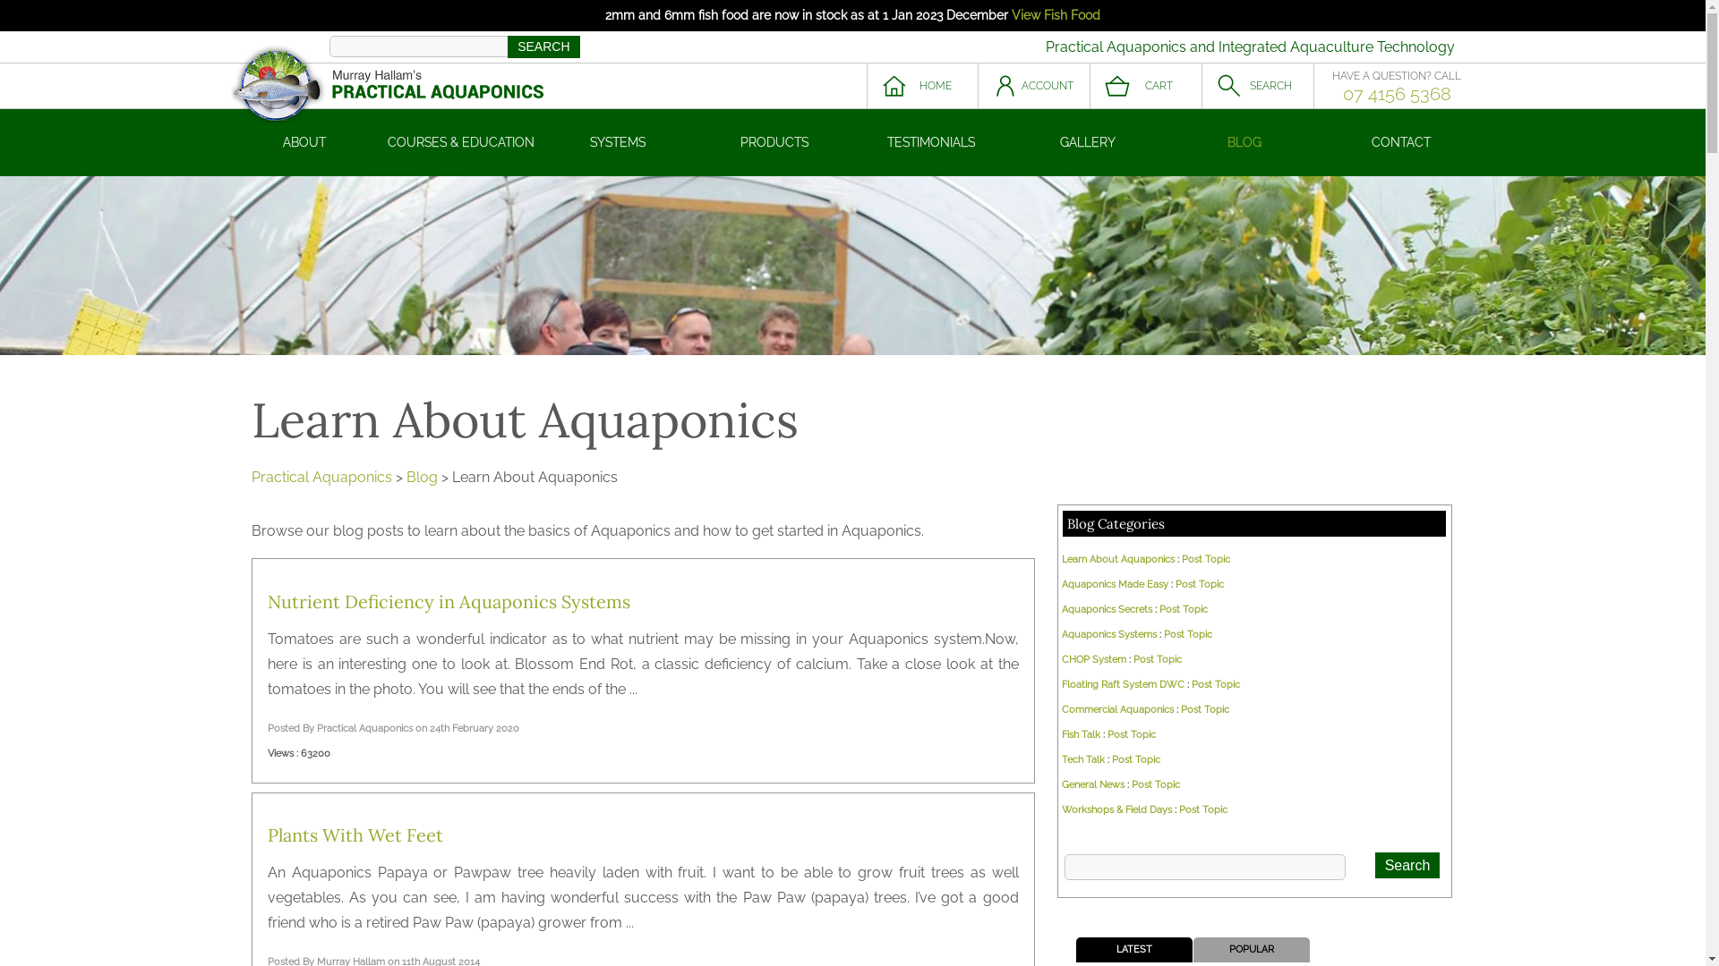  Describe the element at coordinates (449, 601) in the screenshot. I see `'Nutrient Deficiency in Aquaponics Systems'` at that location.